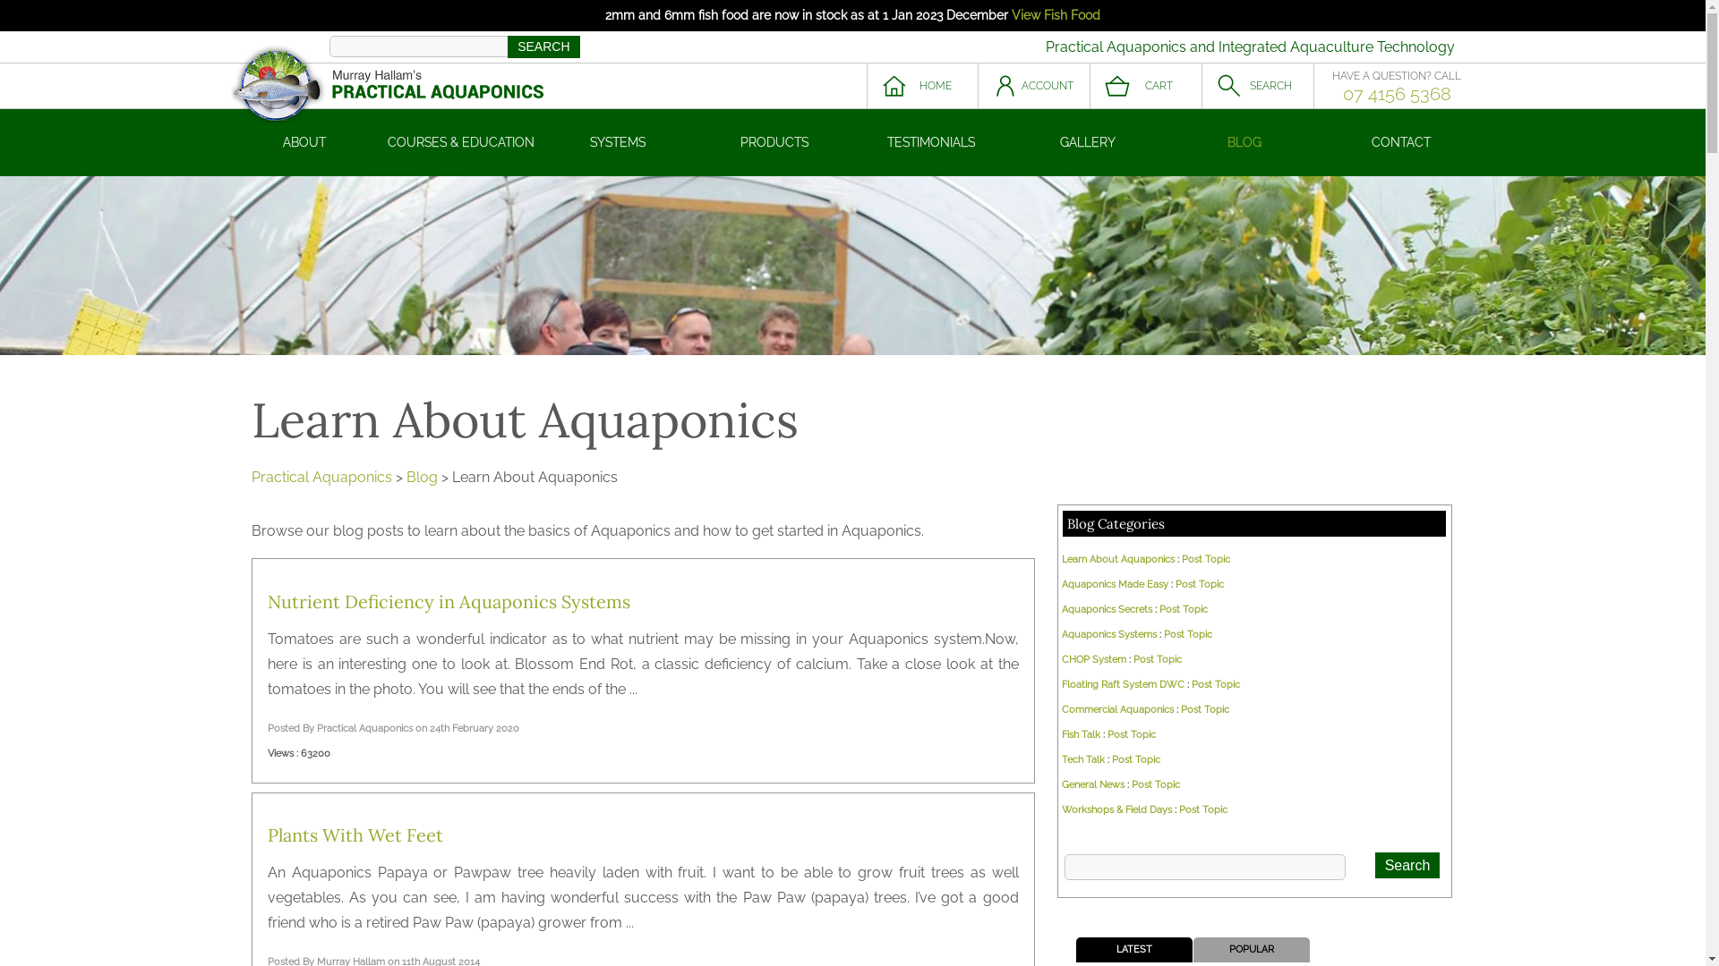  Describe the element at coordinates (449, 601) in the screenshot. I see `'Nutrient Deficiency in Aquaponics Systems'` at that location.